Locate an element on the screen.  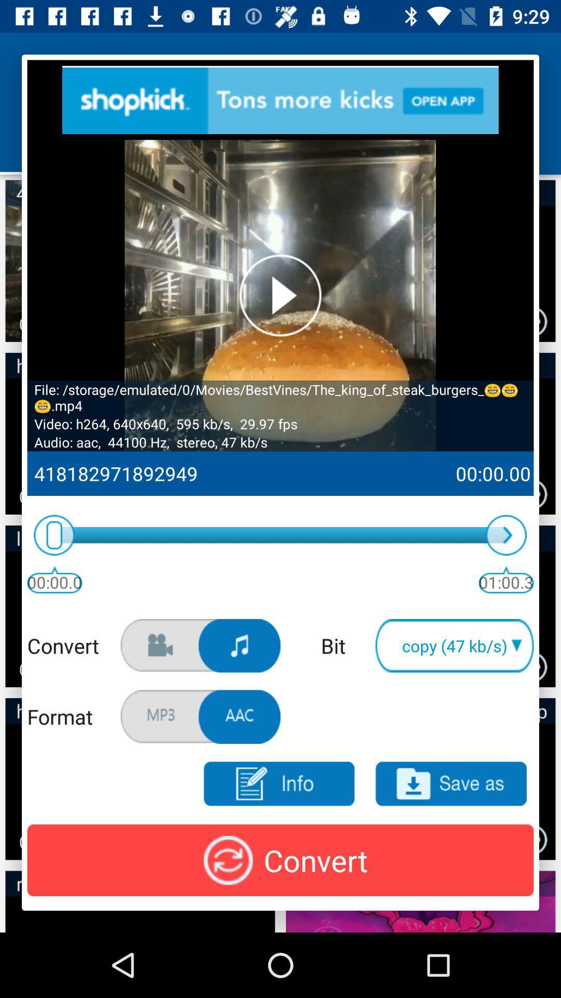
see advertisement is located at coordinates (280, 100).